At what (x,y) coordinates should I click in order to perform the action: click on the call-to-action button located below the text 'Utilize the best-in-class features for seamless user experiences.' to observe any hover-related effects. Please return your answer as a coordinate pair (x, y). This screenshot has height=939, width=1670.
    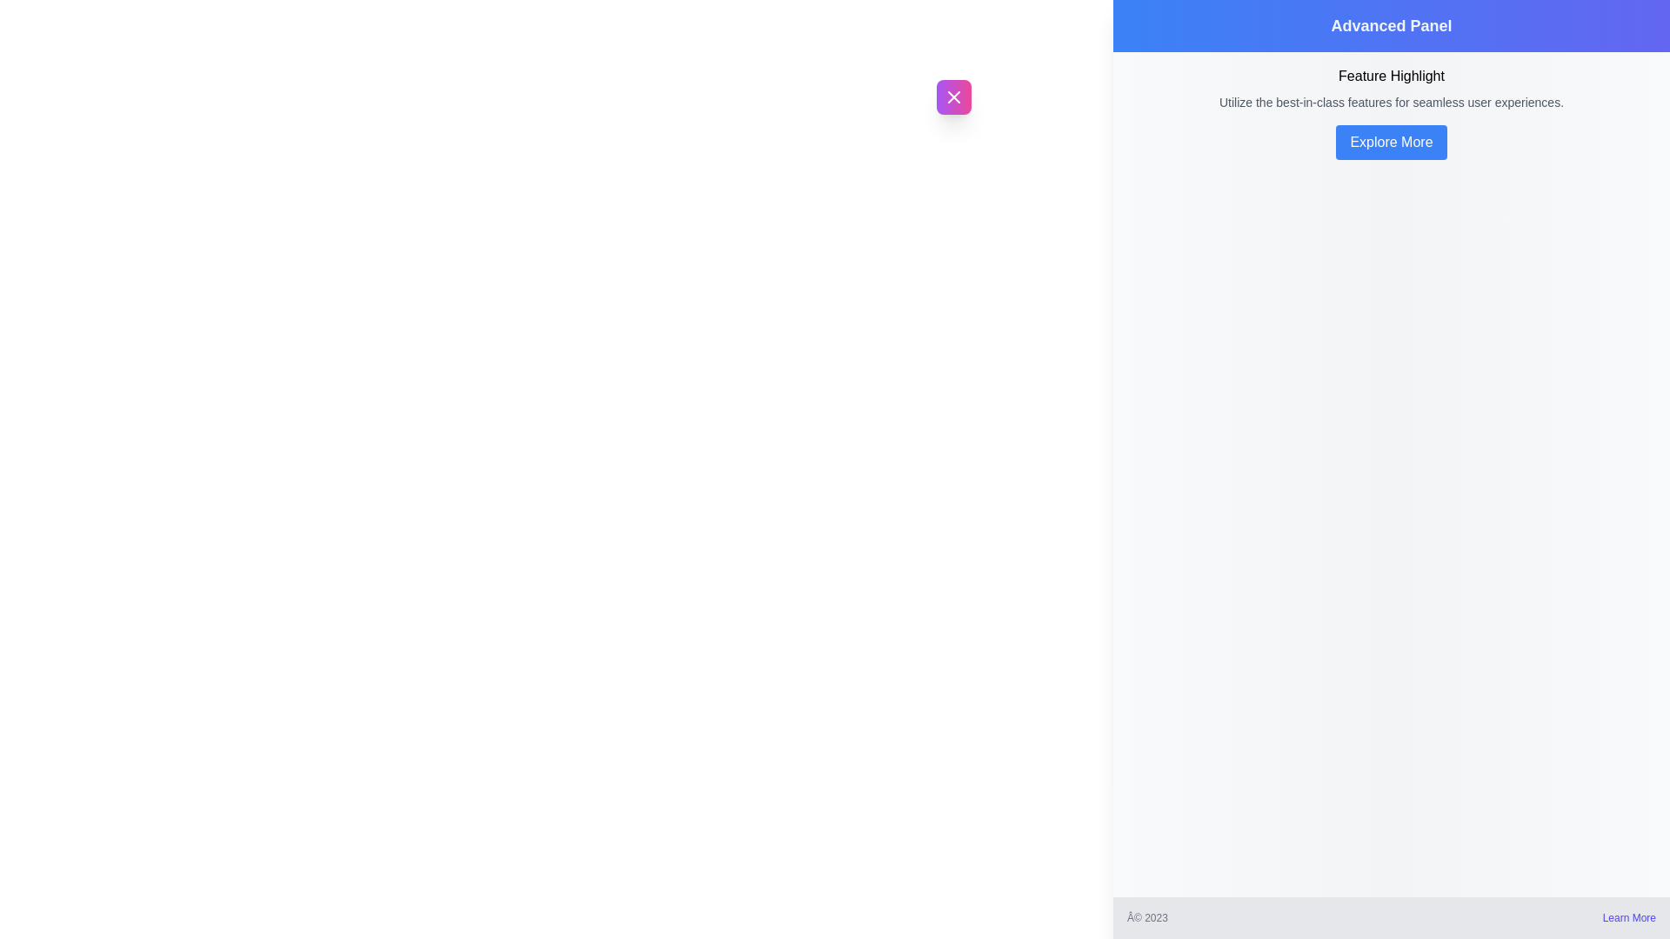
    Looking at the image, I should click on (1390, 142).